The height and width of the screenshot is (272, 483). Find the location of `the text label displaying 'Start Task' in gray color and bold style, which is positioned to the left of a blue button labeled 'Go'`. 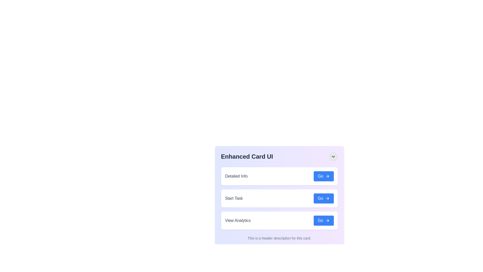

the text label displaying 'Start Task' in gray color and bold style, which is positioned to the left of a blue button labeled 'Go' is located at coordinates (233, 198).